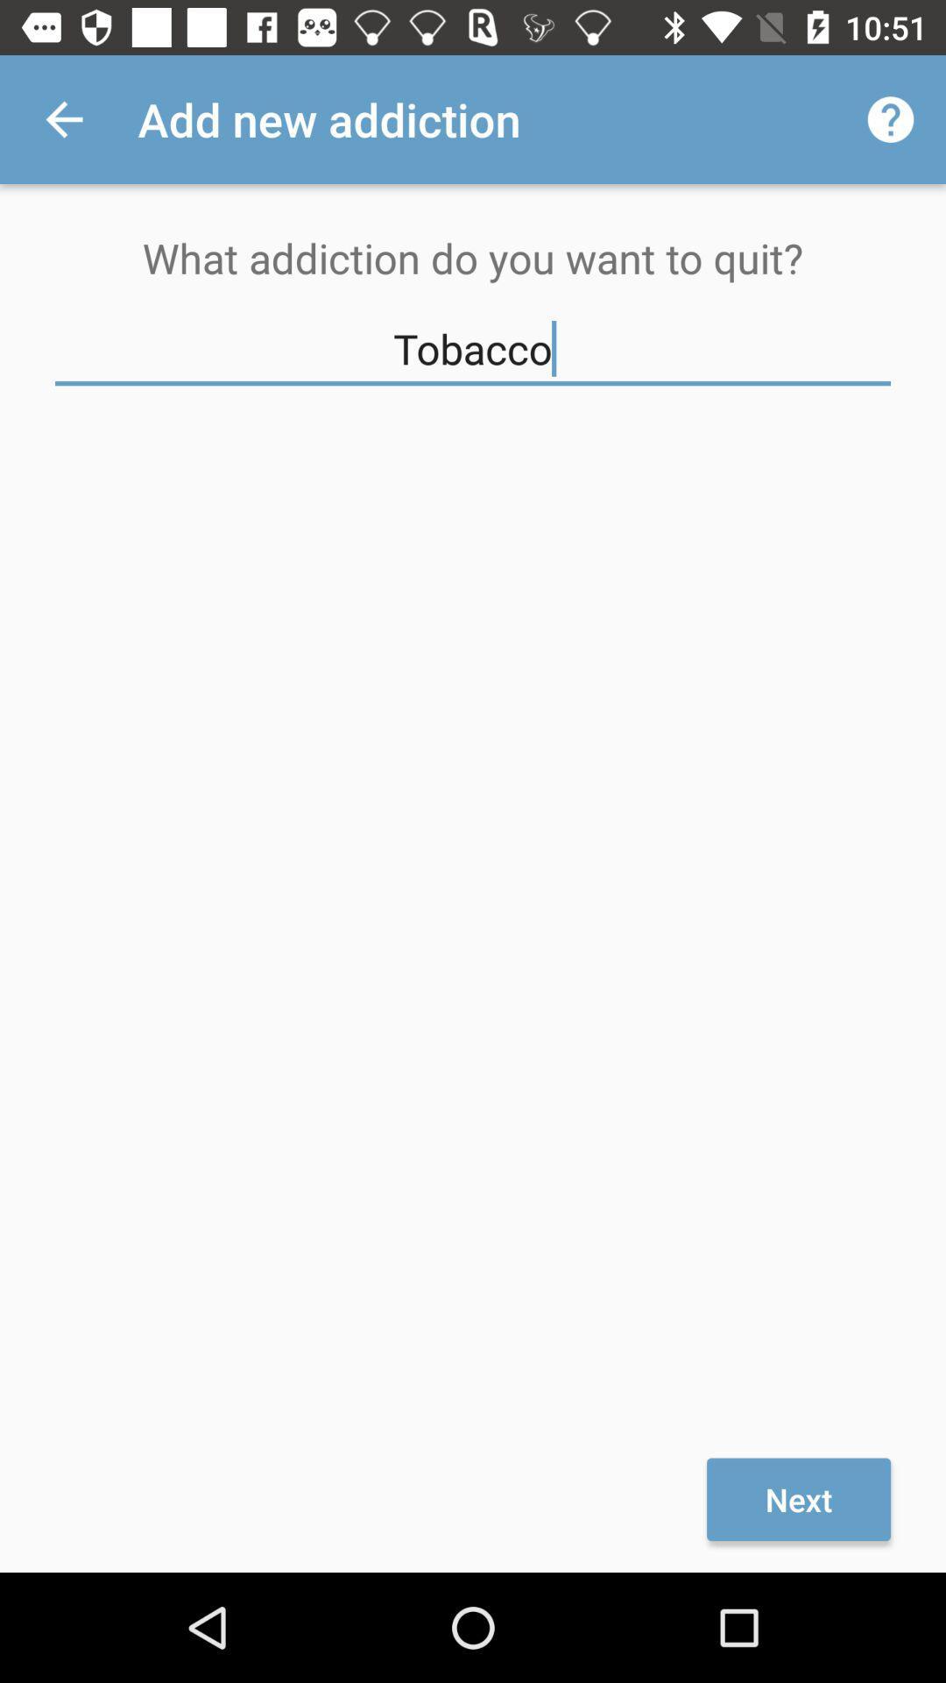  I want to click on icon to the right of the add new addiction app, so click(891, 118).